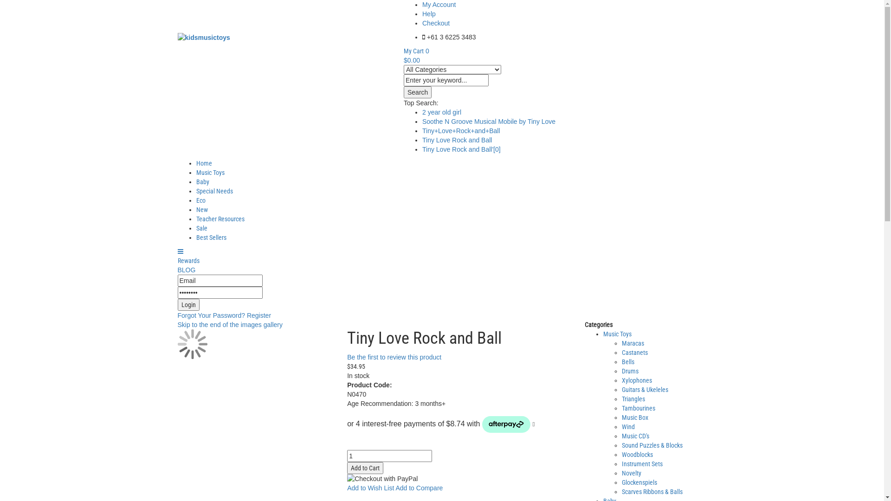 The image size is (891, 501). I want to click on 'Music Toys', so click(617, 334).